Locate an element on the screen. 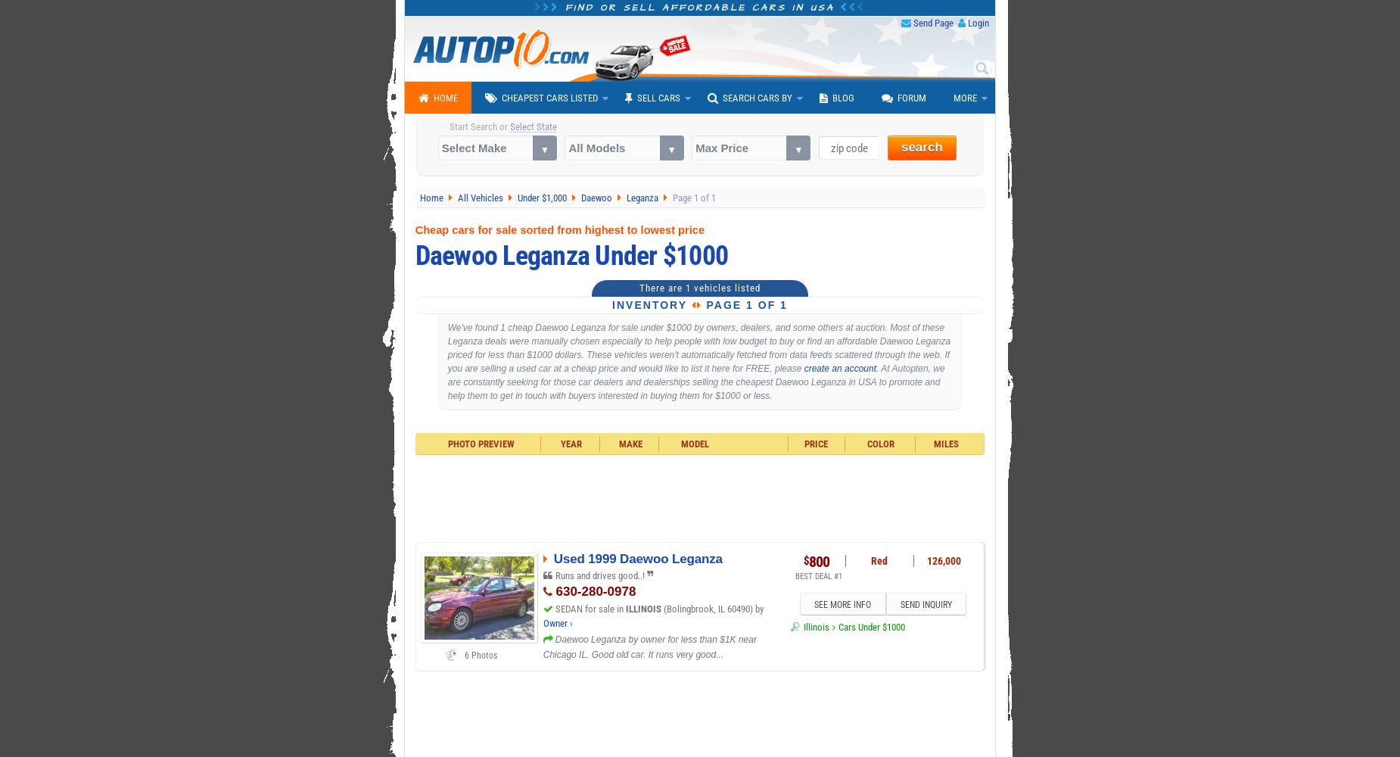  '800' is located at coordinates (818, 561).